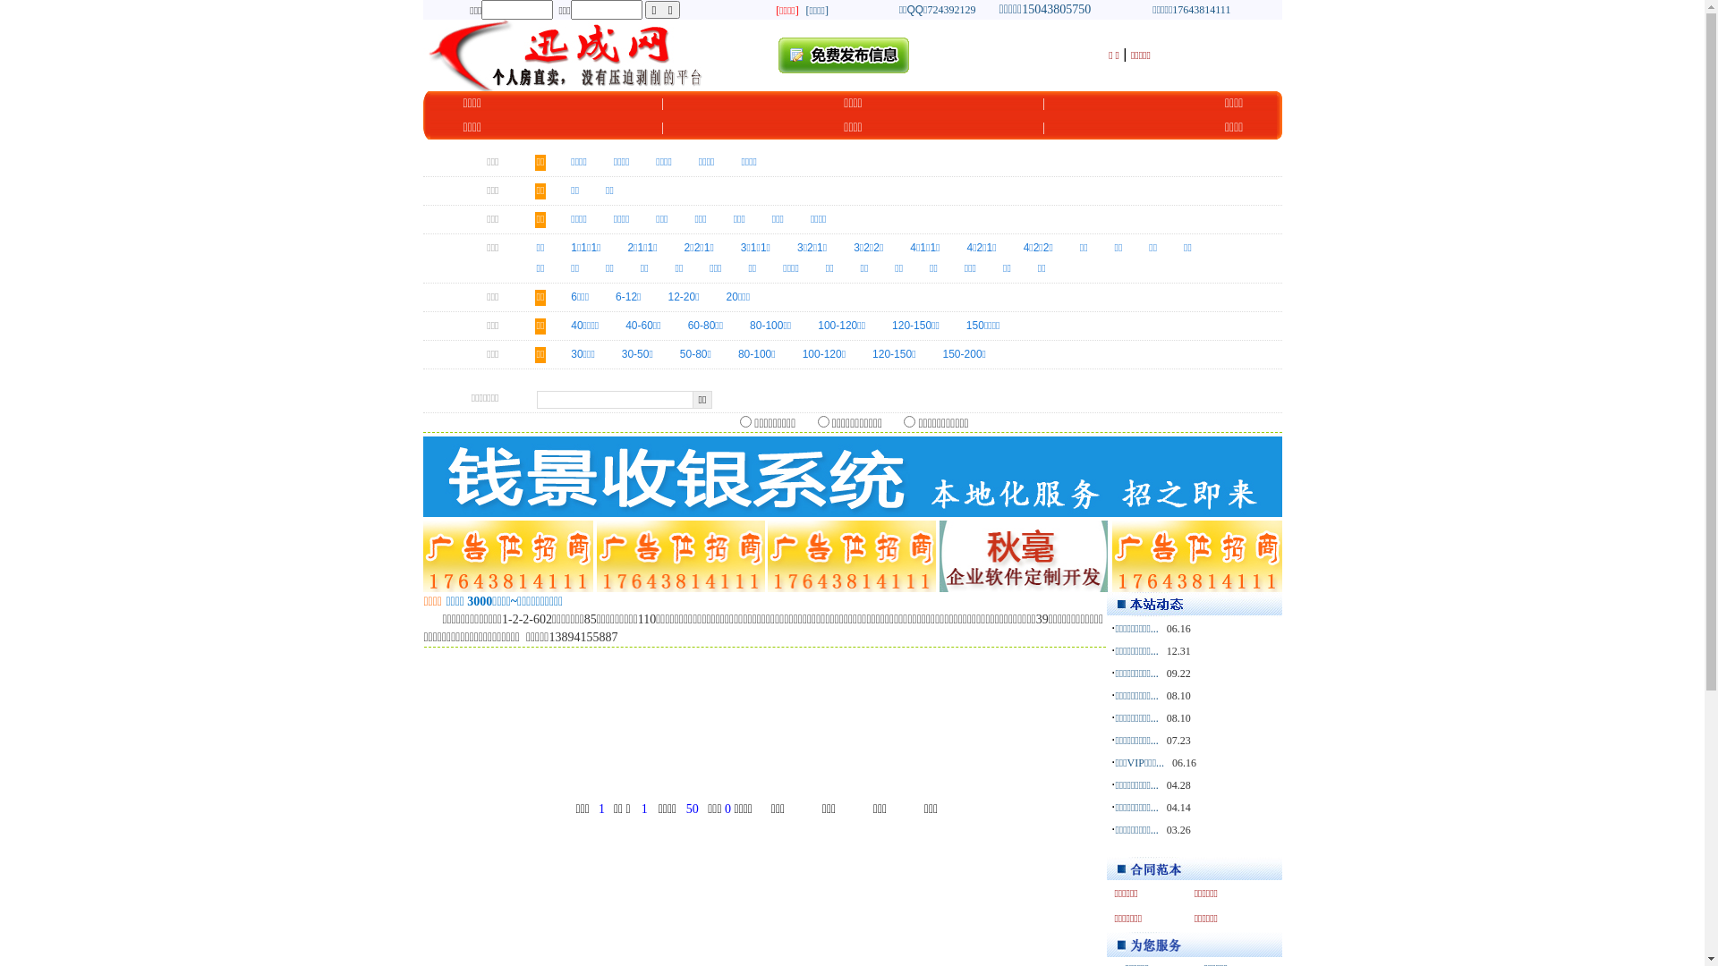 The width and height of the screenshot is (1718, 966). I want to click on 'cb_f3', so click(909, 421).